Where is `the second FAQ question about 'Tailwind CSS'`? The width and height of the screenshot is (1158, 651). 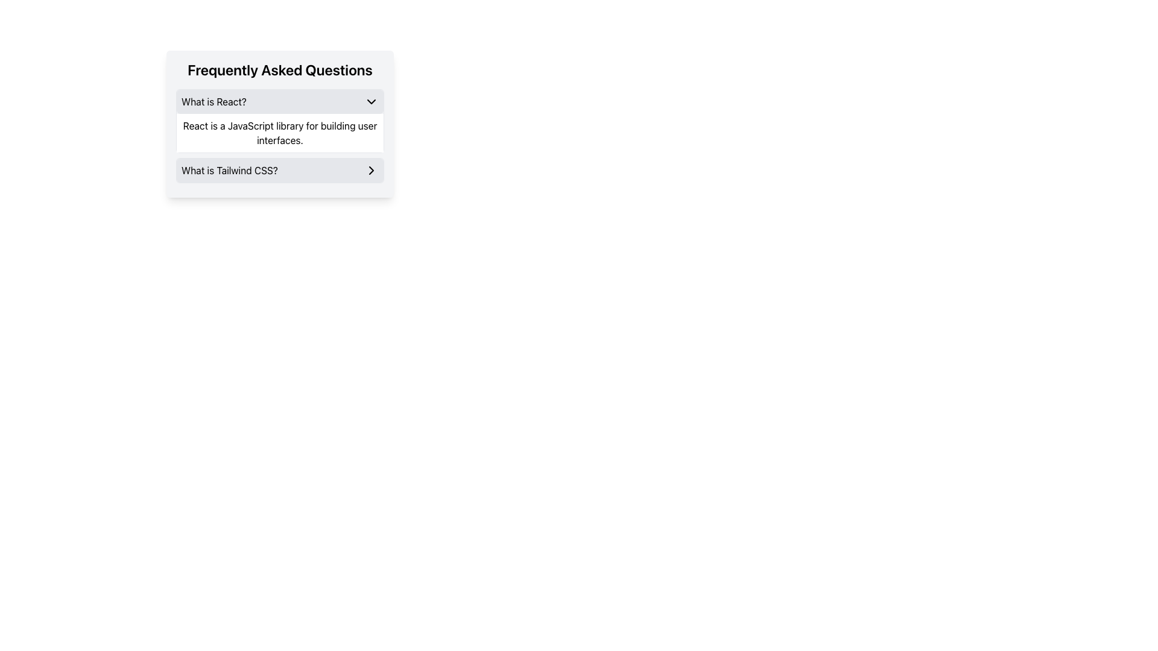
the second FAQ question about 'Tailwind CSS' is located at coordinates (279, 170).